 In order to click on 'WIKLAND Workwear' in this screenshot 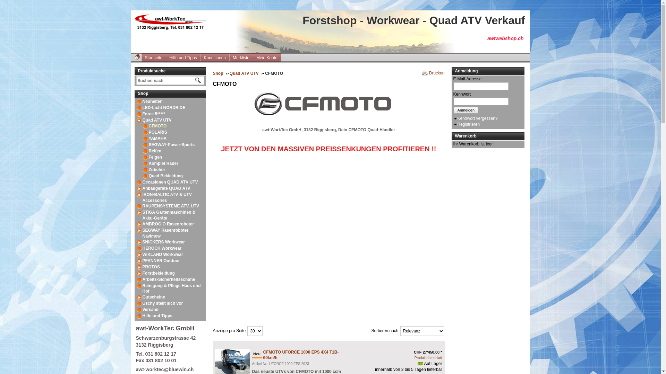, I will do `click(162, 255)`.